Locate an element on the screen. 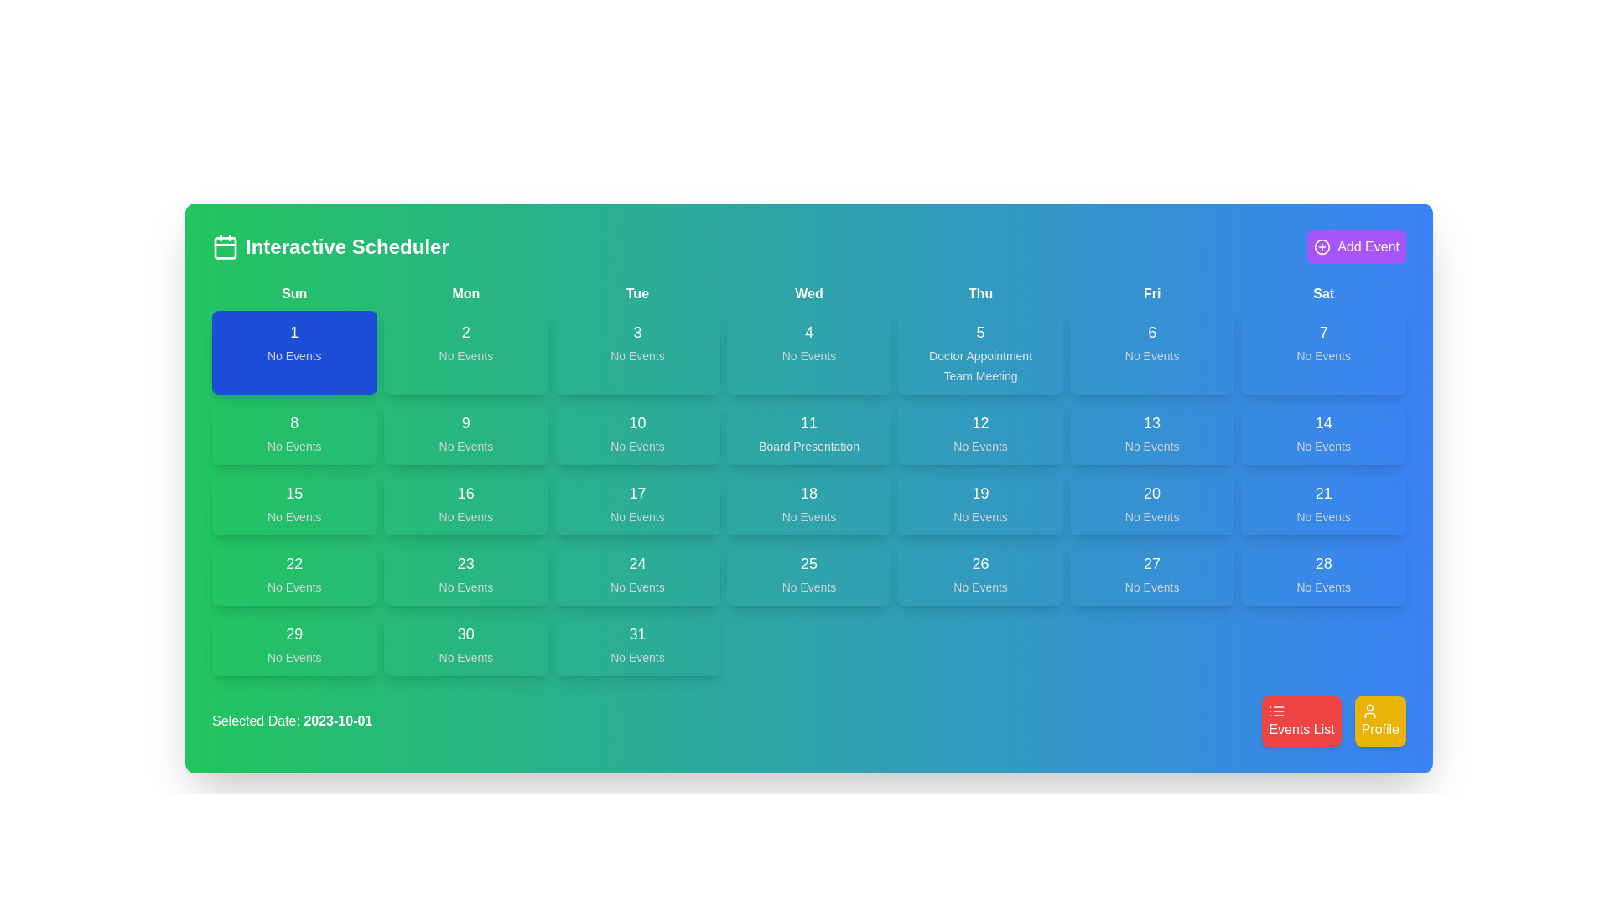  the calendar cell for the 11th day of the month in the 'Wed' column is located at coordinates (808, 432).